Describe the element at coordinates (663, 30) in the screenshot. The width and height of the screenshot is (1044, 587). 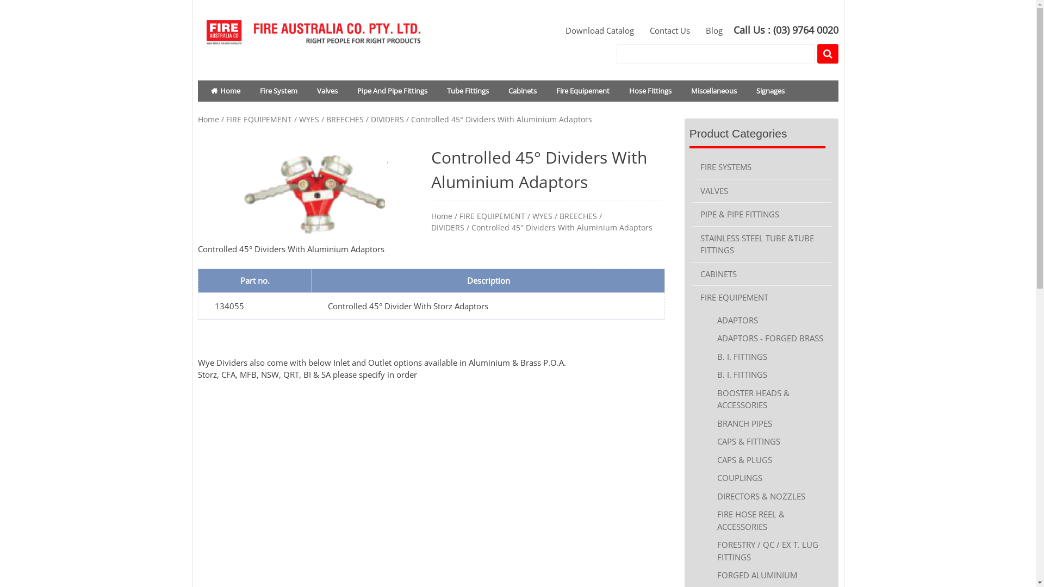
I see `'Contact Us'` at that location.